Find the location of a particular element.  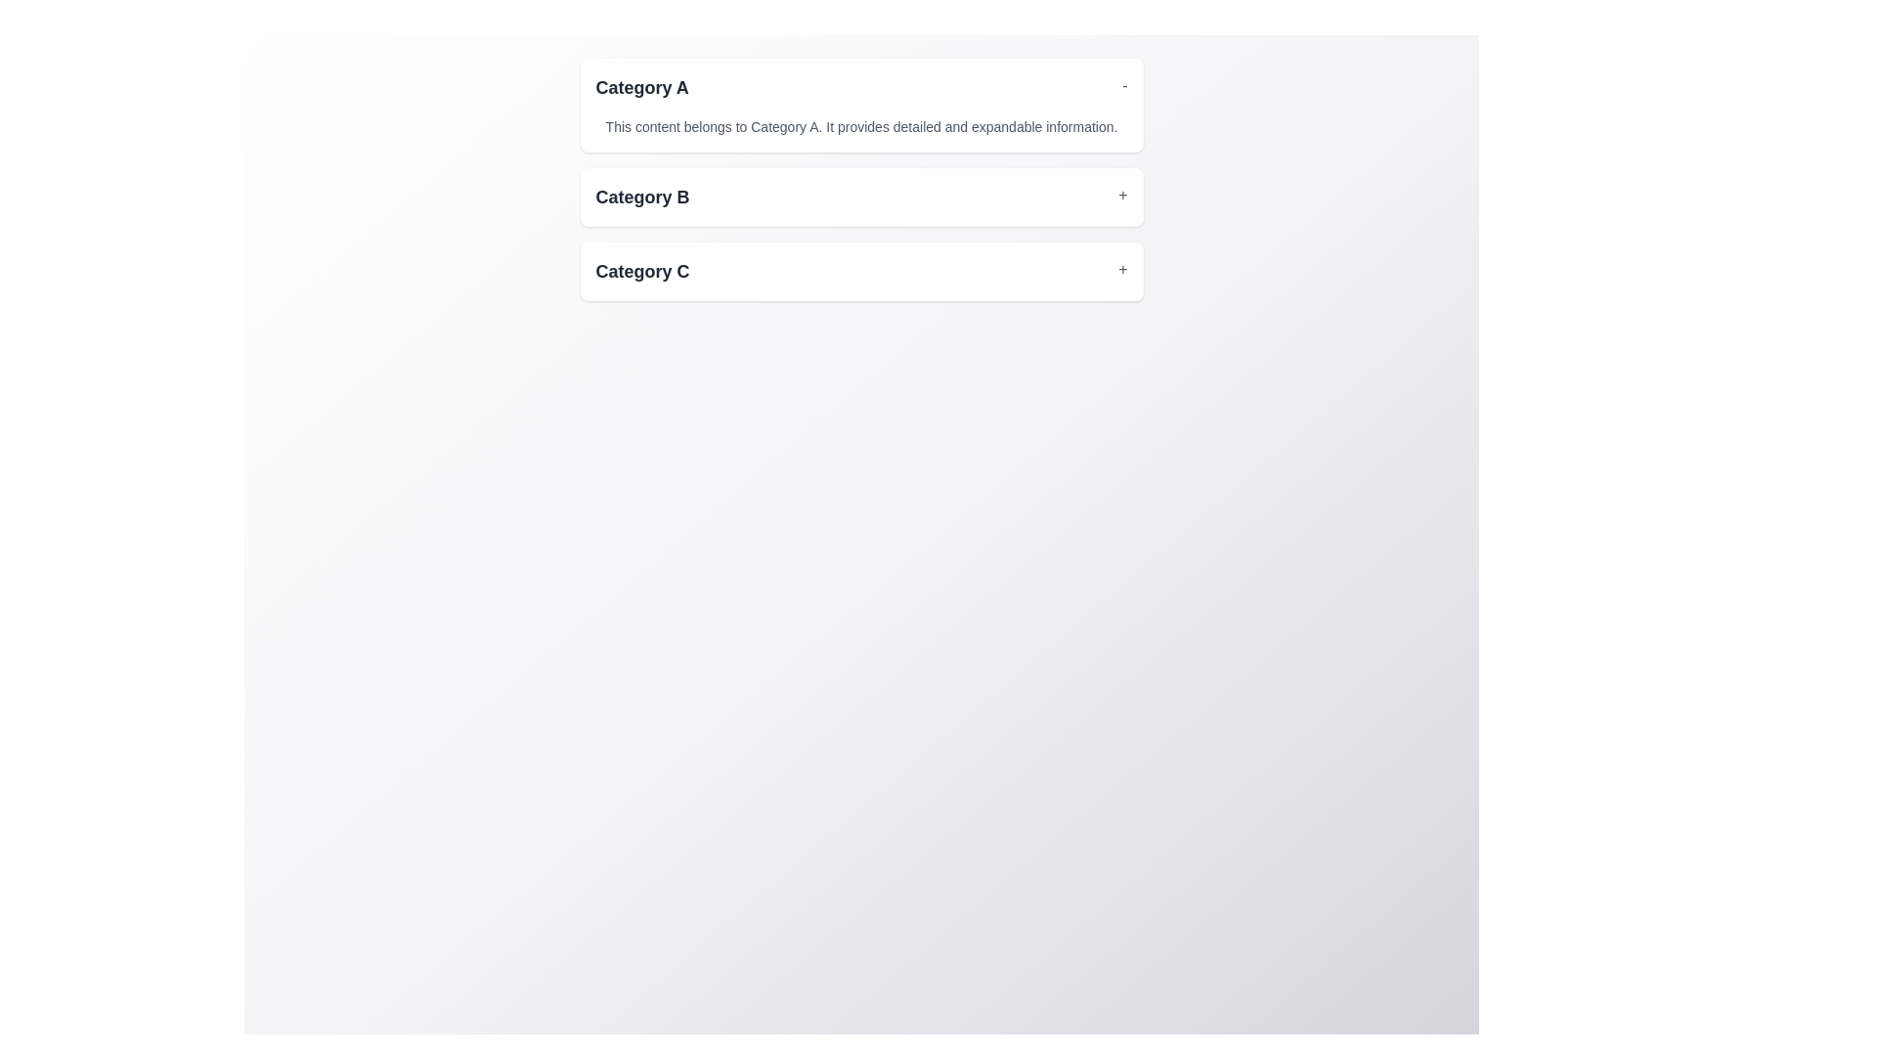

the gray plus icon located to the right of the 'Category B' label for additional context is located at coordinates (1122, 197).